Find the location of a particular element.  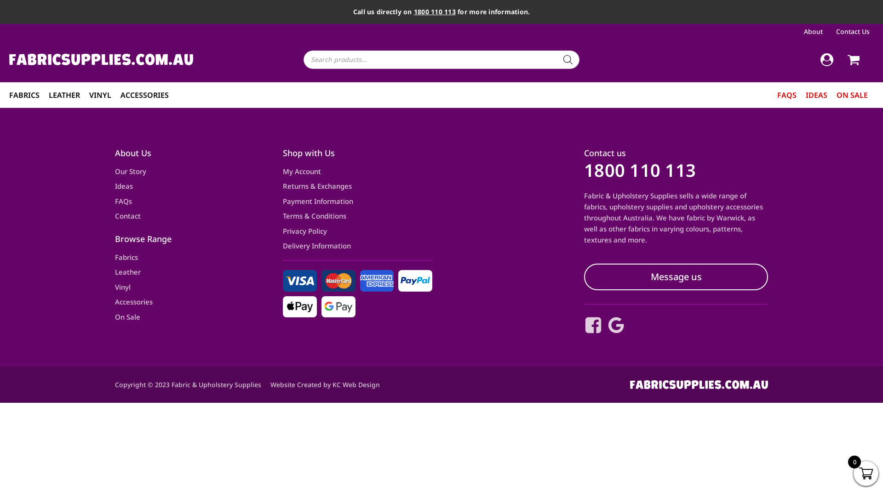

'1800 110 113' is located at coordinates (434, 11).